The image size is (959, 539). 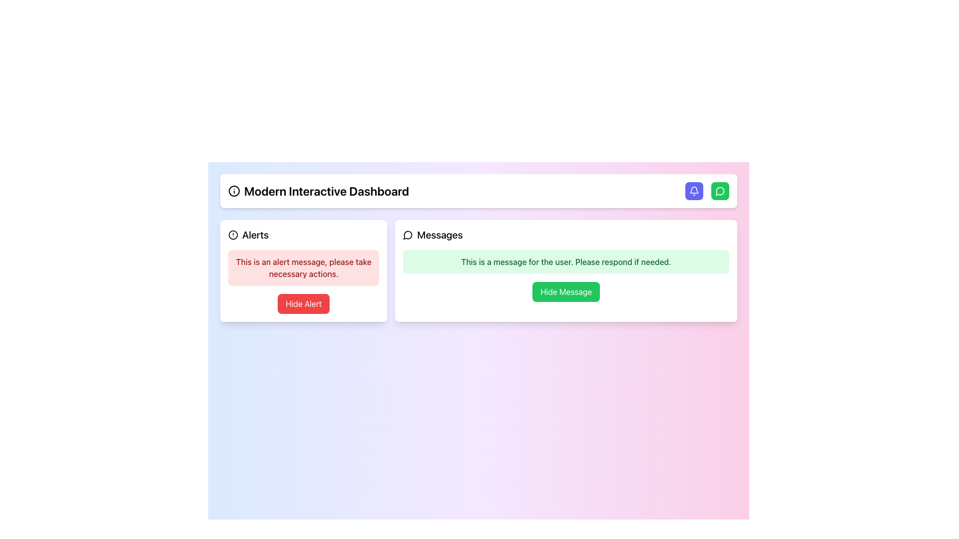 I want to click on the bright indigo button with a bell icon located in the top-right corner of the interface, so click(x=694, y=191).